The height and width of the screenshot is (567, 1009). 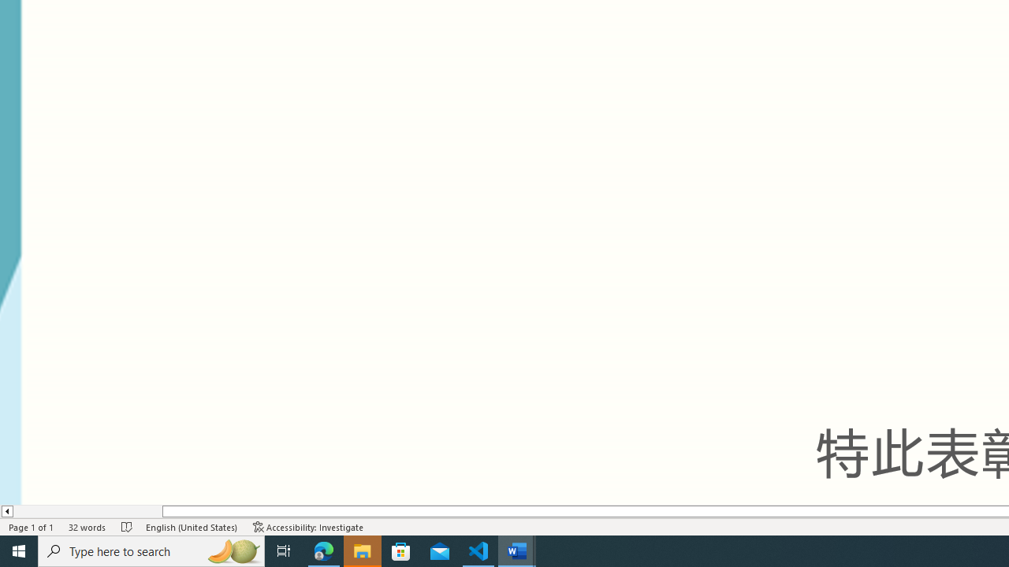 I want to click on 'Word Count 32 words', so click(x=87, y=527).